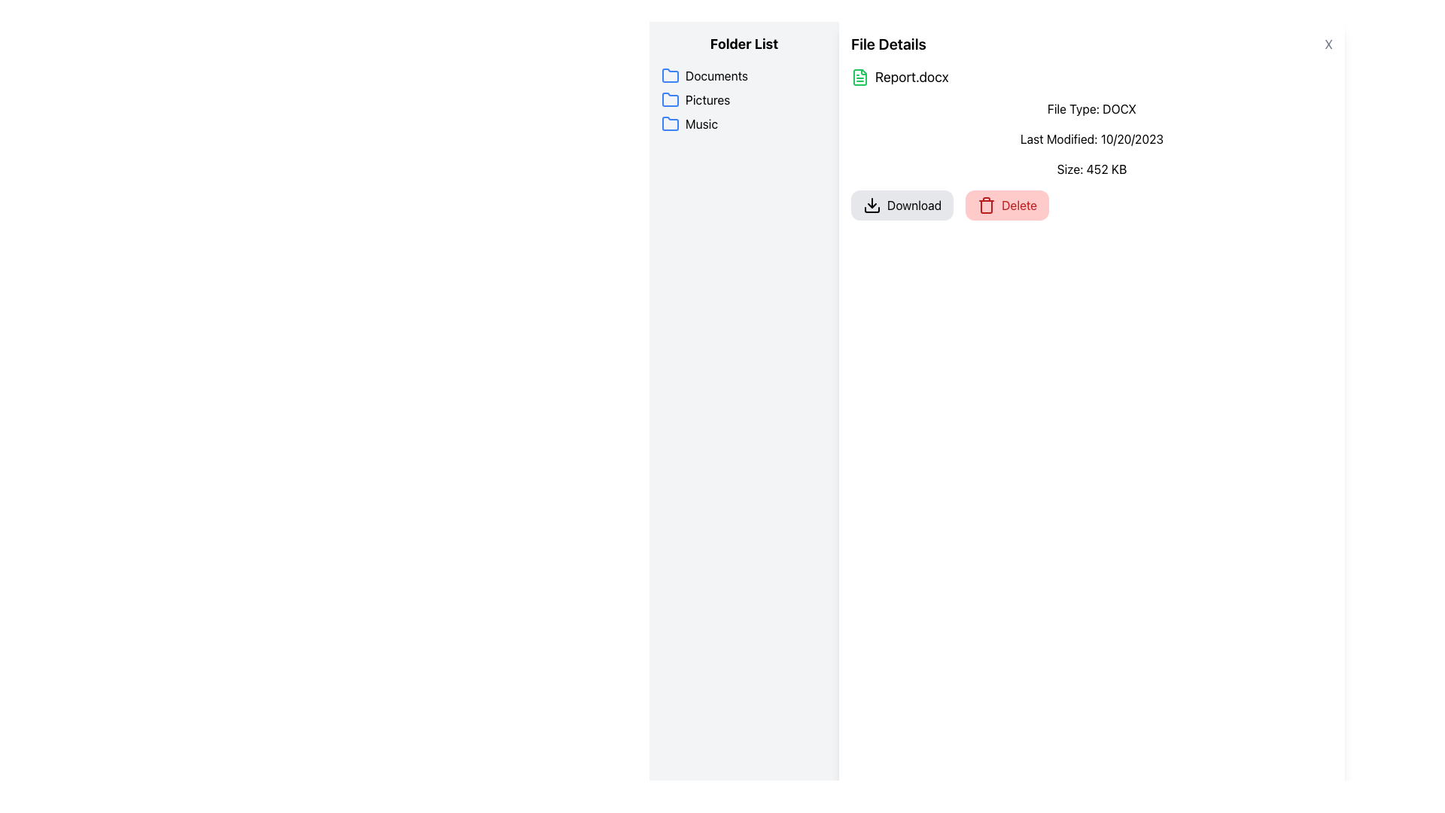 The height and width of the screenshot is (813, 1445). Describe the element at coordinates (1091, 139) in the screenshot. I see `the static text label that displays the last modification date of a file, located within the 'File Details' information card, positioned between 'File Type: DOCX' and 'Size: 452 KB'` at that location.